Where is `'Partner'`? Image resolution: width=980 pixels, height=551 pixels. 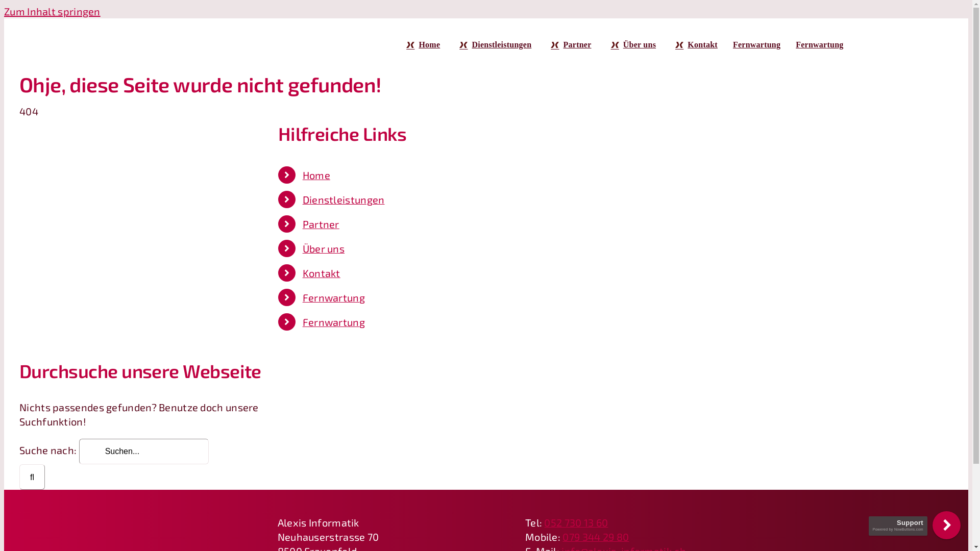
'Partner' is located at coordinates (320, 223).